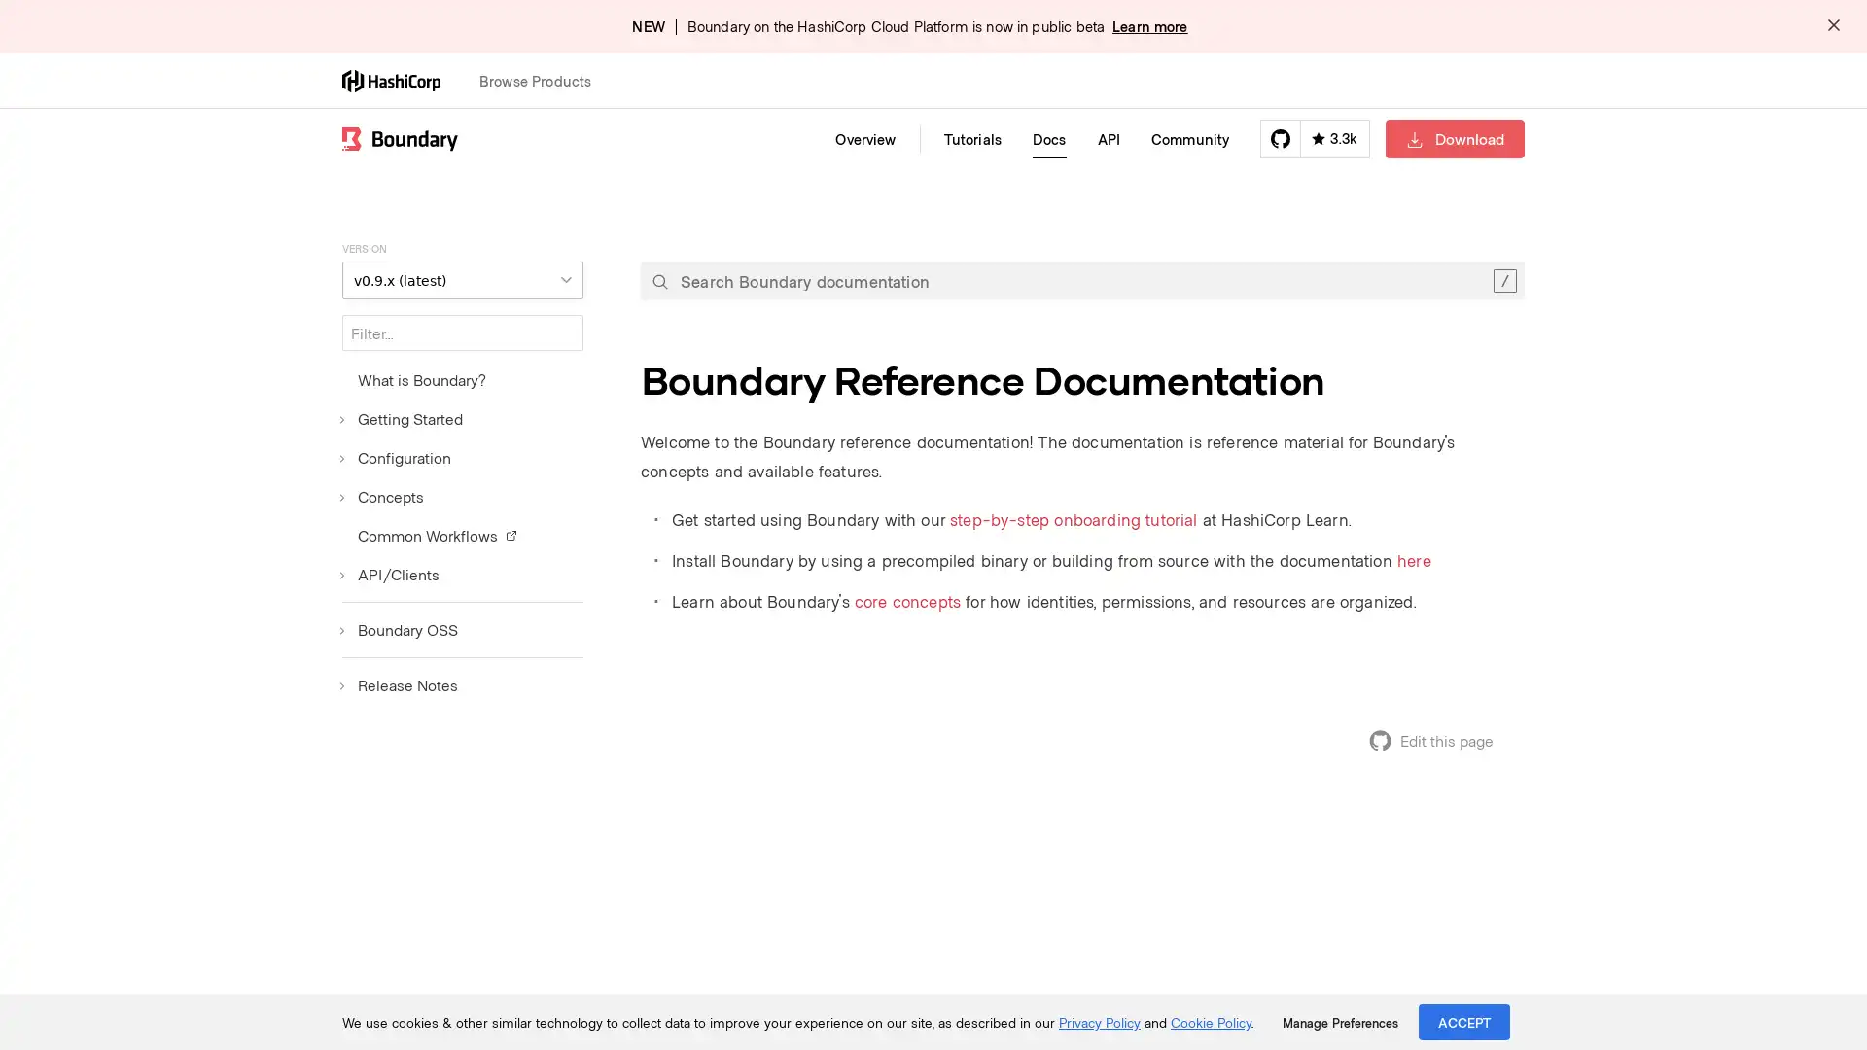 Image resolution: width=1867 pixels, height=1050 pixels. I want to click on Concepts, so click(382, 495).